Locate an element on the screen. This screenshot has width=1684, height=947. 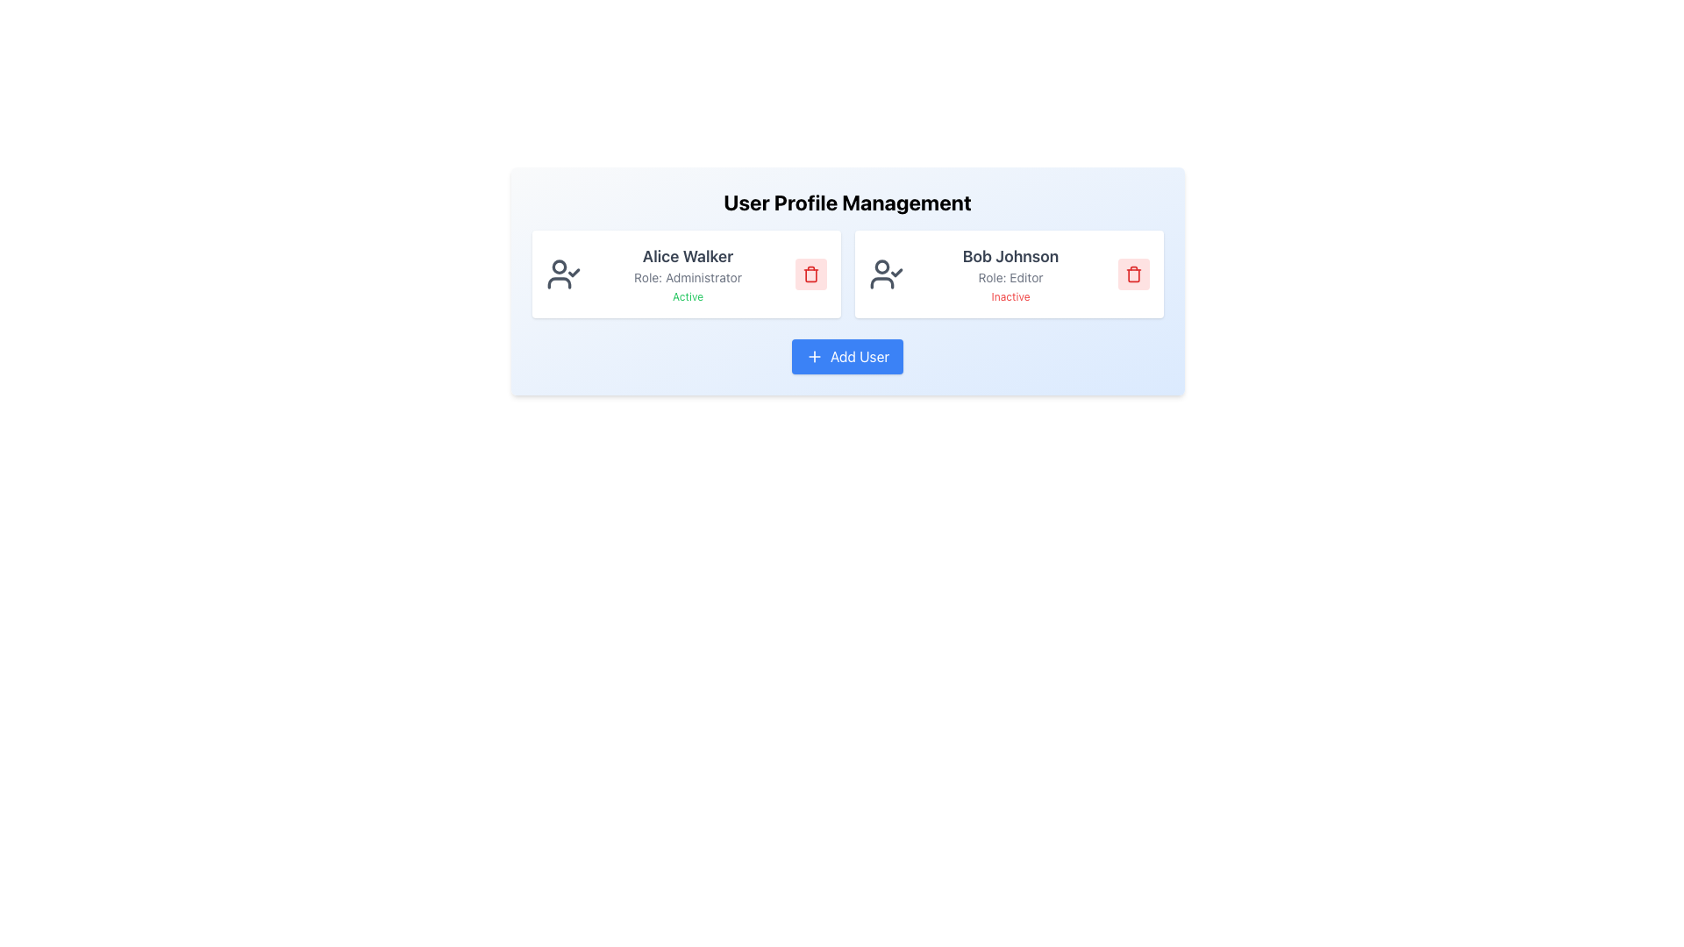
the text label displaying 'Inactive' in red font, located below 'Role: Editor' in the user profile section for 'Bob Johnson.' is located at coordinates (1010, 296).